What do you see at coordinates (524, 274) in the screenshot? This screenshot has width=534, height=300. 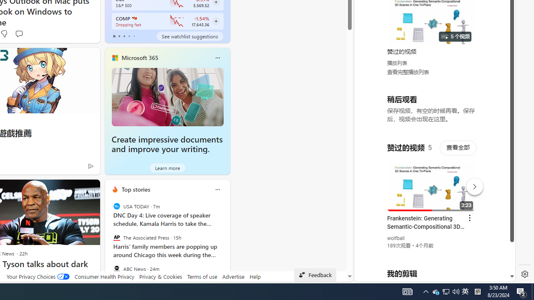 I see `'Settings'` at bounding box center [524, 274].